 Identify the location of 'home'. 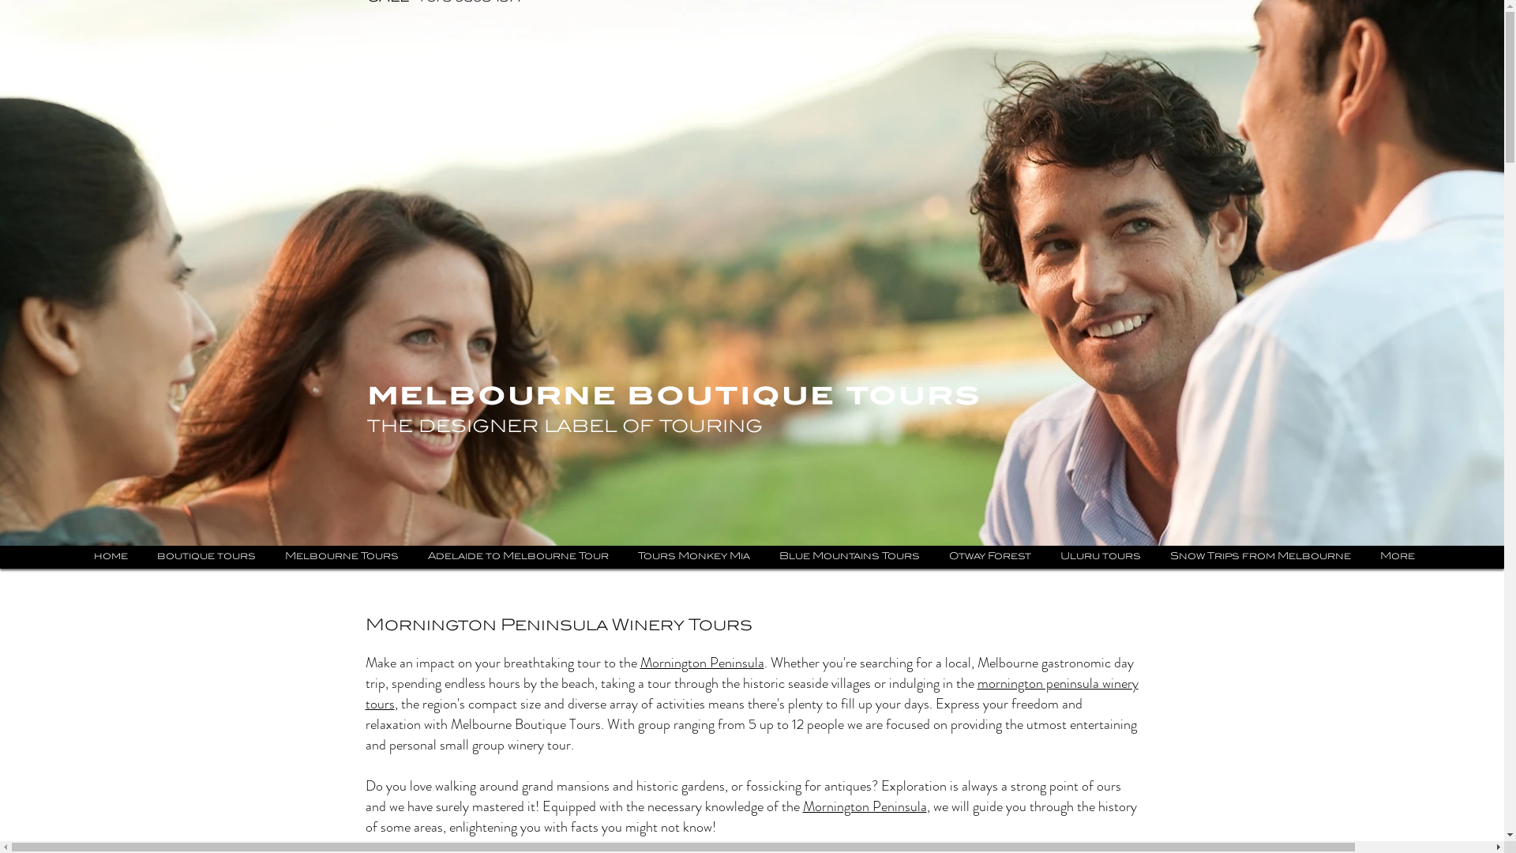
(109, 556).